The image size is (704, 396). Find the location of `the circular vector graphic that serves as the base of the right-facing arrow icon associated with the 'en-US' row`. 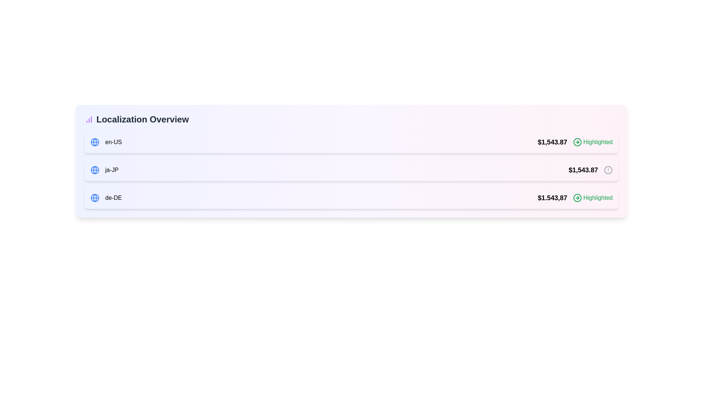

the circular vector graphic that serves as the base of the right-facing arrow icon associated with the 'en-US' row is located at coordinates (577, 142).